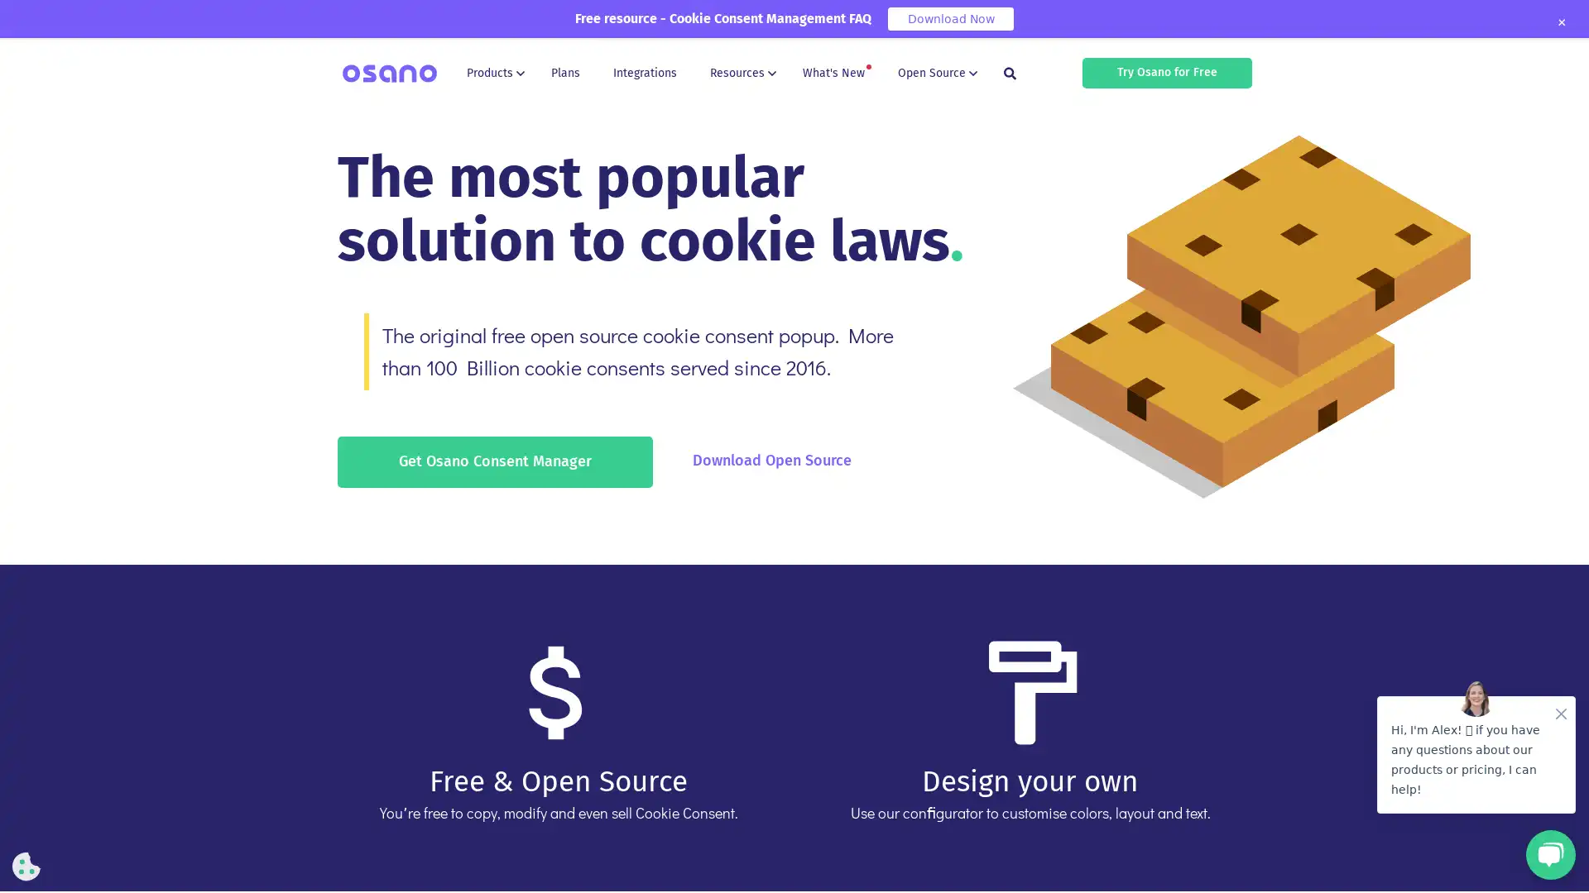 This screenshot has height=893, width=1589. What do you see at coordinates (26, 866) in the screenshot?
I see `Cookie Preferences` at bounding box center [26, 866].